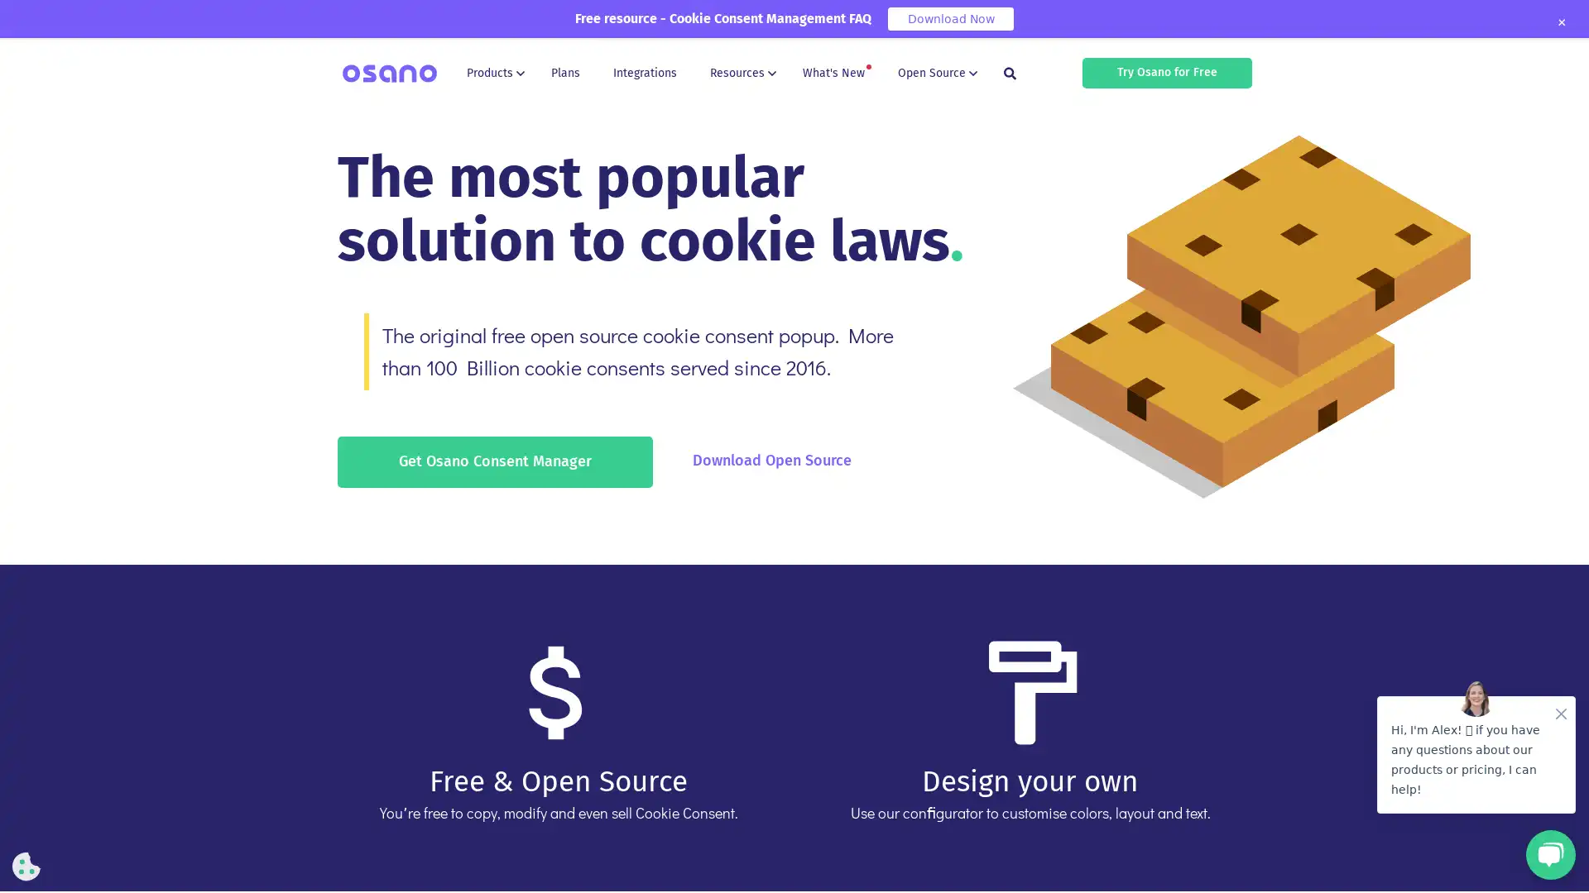 This screenshot has height=893, width=1589. What do you see at coordinates (26, 866) in the screenshot?
I see `Cookie Preferences` at bounding box center [26, 866].